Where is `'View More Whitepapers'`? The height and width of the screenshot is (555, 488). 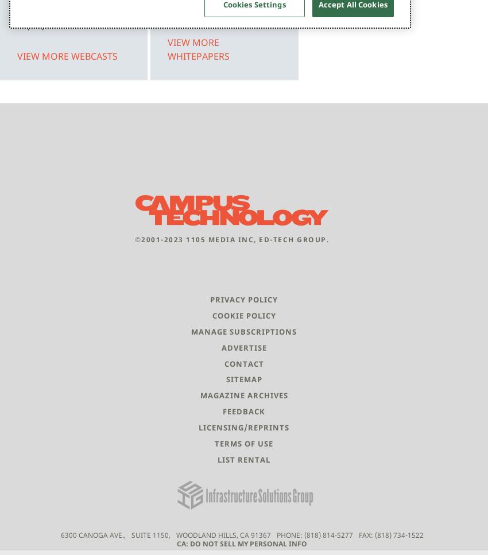
'View More Whitepapers' is located at coordinates (198, 48).